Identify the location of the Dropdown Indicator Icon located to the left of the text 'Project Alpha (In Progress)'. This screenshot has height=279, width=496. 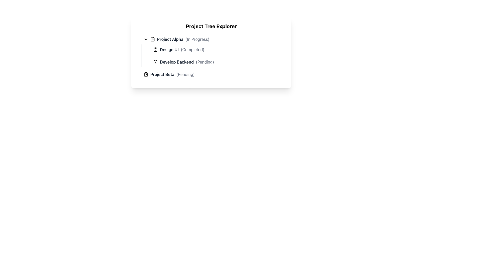
(146, 39).